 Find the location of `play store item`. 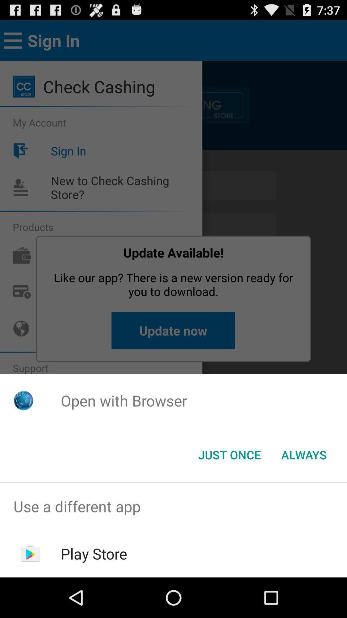

play store item is located at coordinates (94, 553).